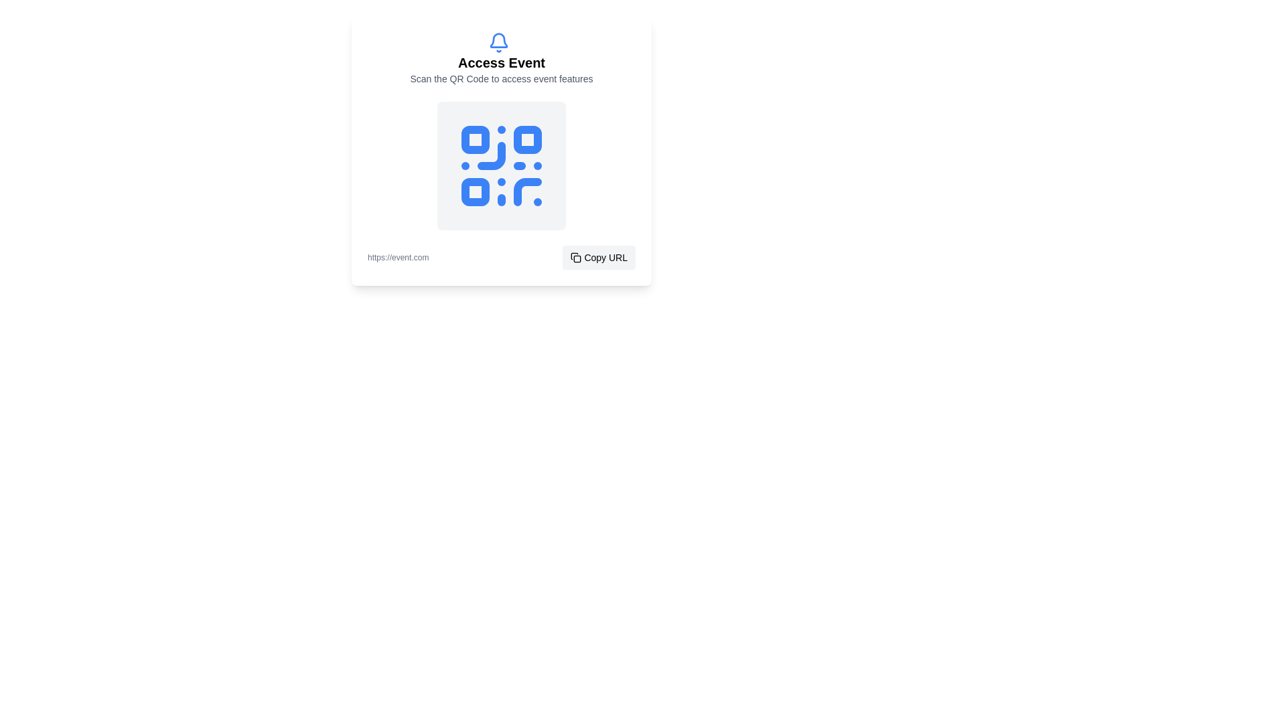  I want to click on the Text Label that serves as a title or heading, positioned centrally below a bell icon and above descriptive text about scanning a QR code, so click(500, 62).